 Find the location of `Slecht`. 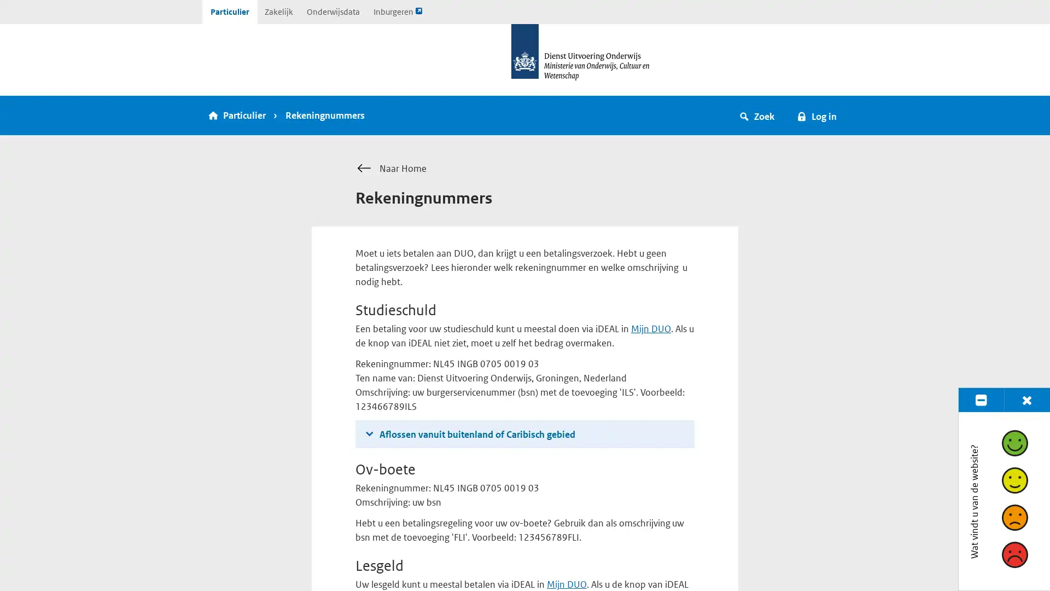

Slecht is located at coordinates (1013, 554).